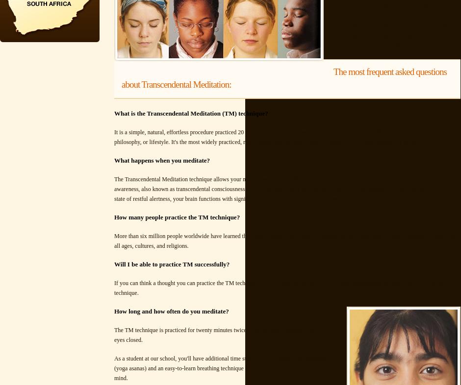 The image size is (461, 385). I want to click on 'If you can think a thought you can practice the TM technique. People from the age of 10 to 100 have successfully learned to practice the TM technique.', so click(280, 288).